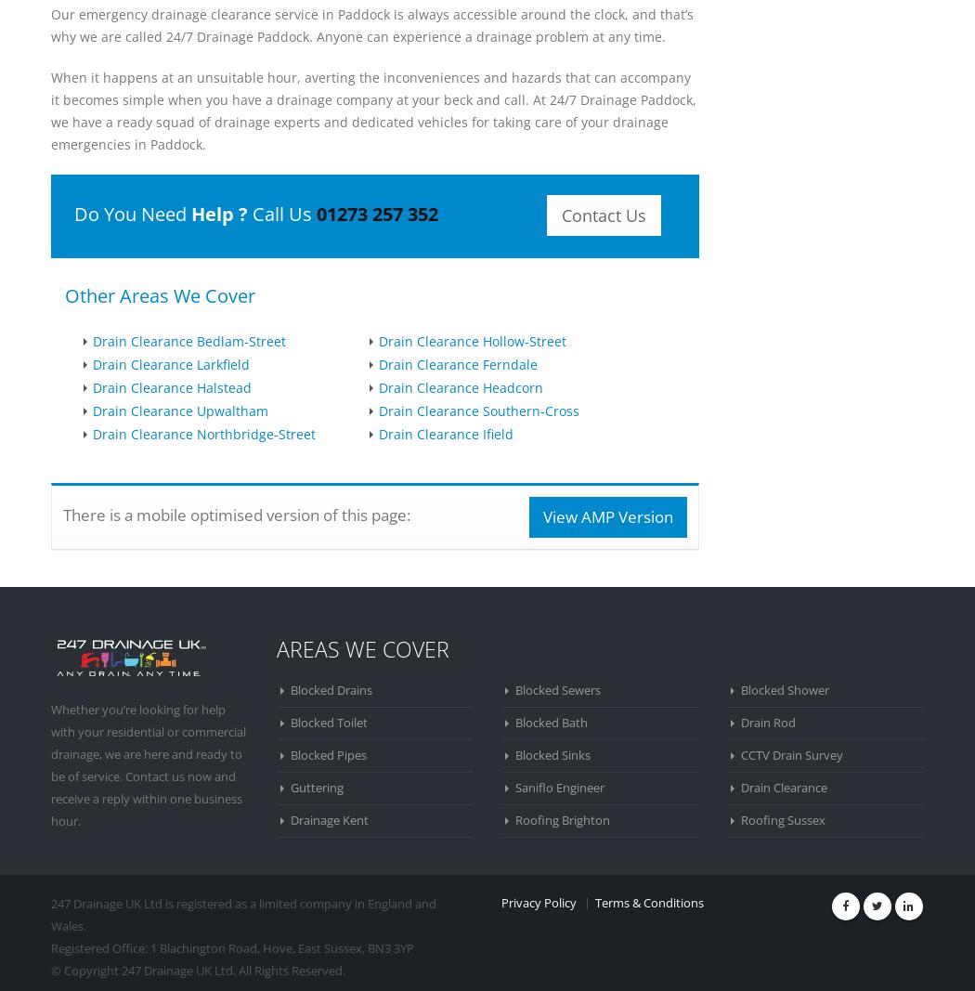 This screenshot has height=991, width=975. Describe the element at coordinates (327, 754) in the screenshot. I see `'Blocked Pipes'` at that location.